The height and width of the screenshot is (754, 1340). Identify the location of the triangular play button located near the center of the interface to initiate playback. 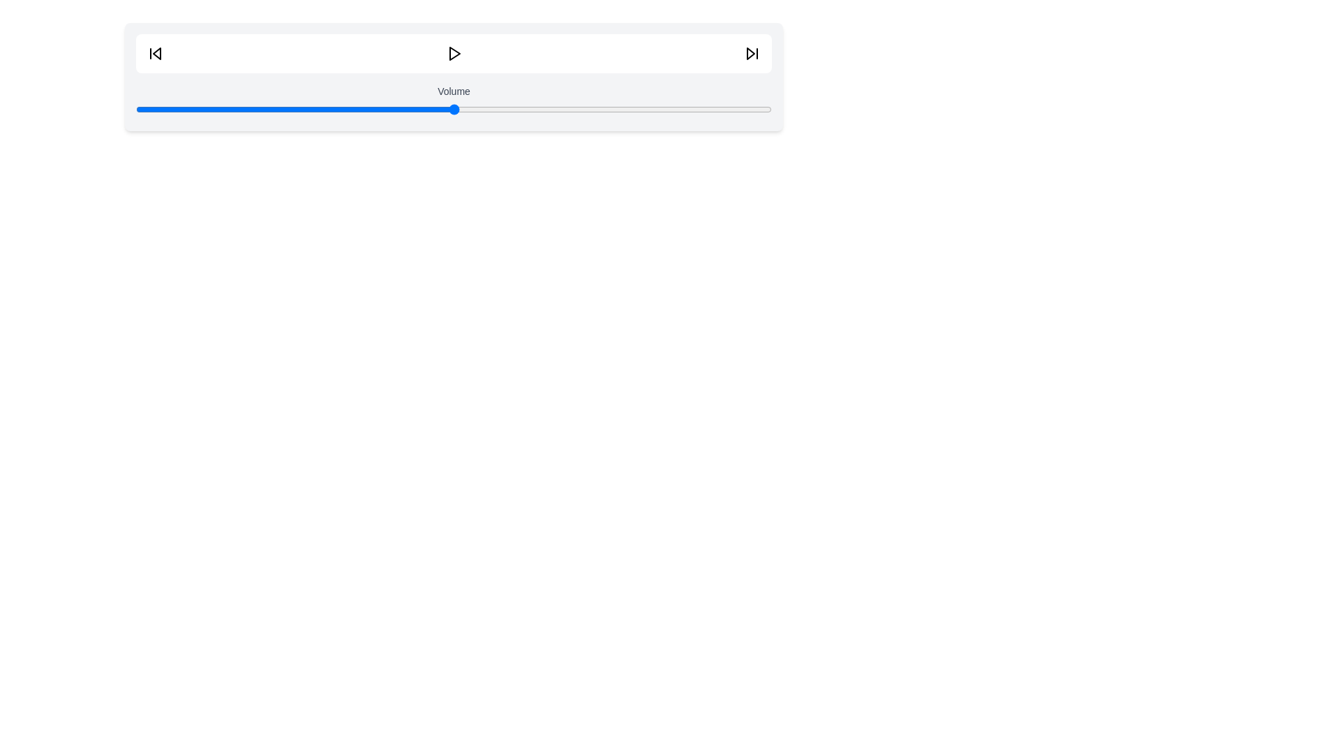
(454, 53).